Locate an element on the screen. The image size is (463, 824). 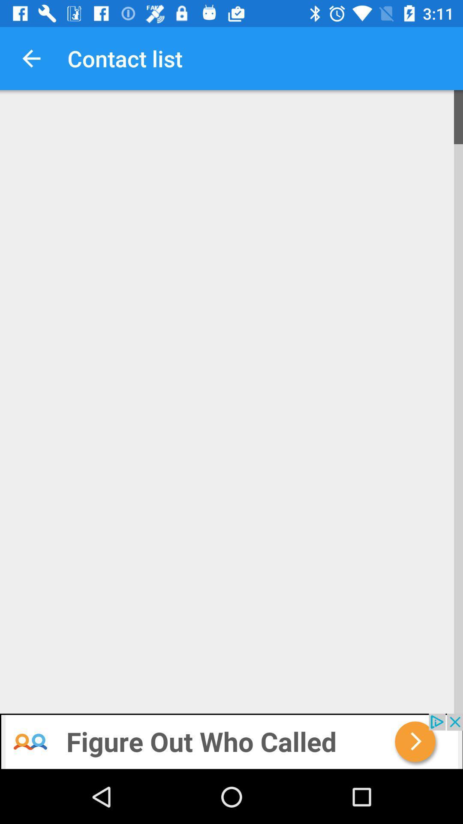
accept is located at coordinates (231, 741).